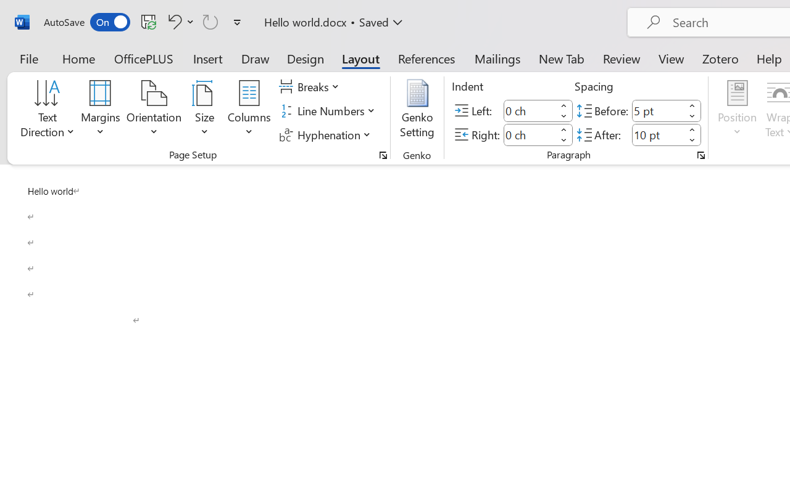  What do you see at coordinates (671, 58) in the screenshot?
I see `'View'` at bounding box center [671, 58].